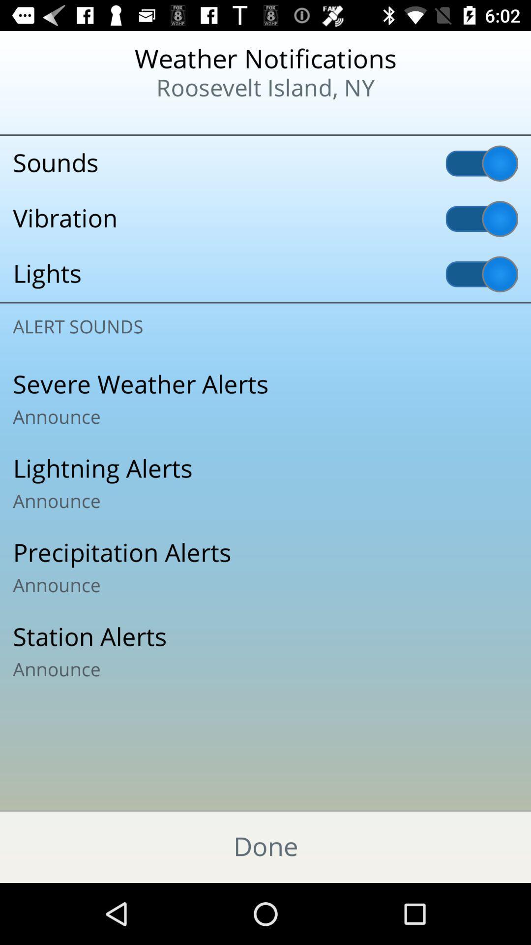  What do you see at coordinates (265, 274) in the screenshot?
I see `lights item` at bounding box center [265, 274].